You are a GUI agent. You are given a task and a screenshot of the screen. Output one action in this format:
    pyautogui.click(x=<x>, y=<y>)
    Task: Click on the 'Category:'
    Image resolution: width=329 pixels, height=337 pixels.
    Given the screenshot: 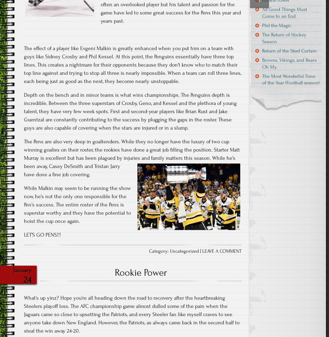 What is the action you would take?
    pyautogui.click(x=159, y=251)
    